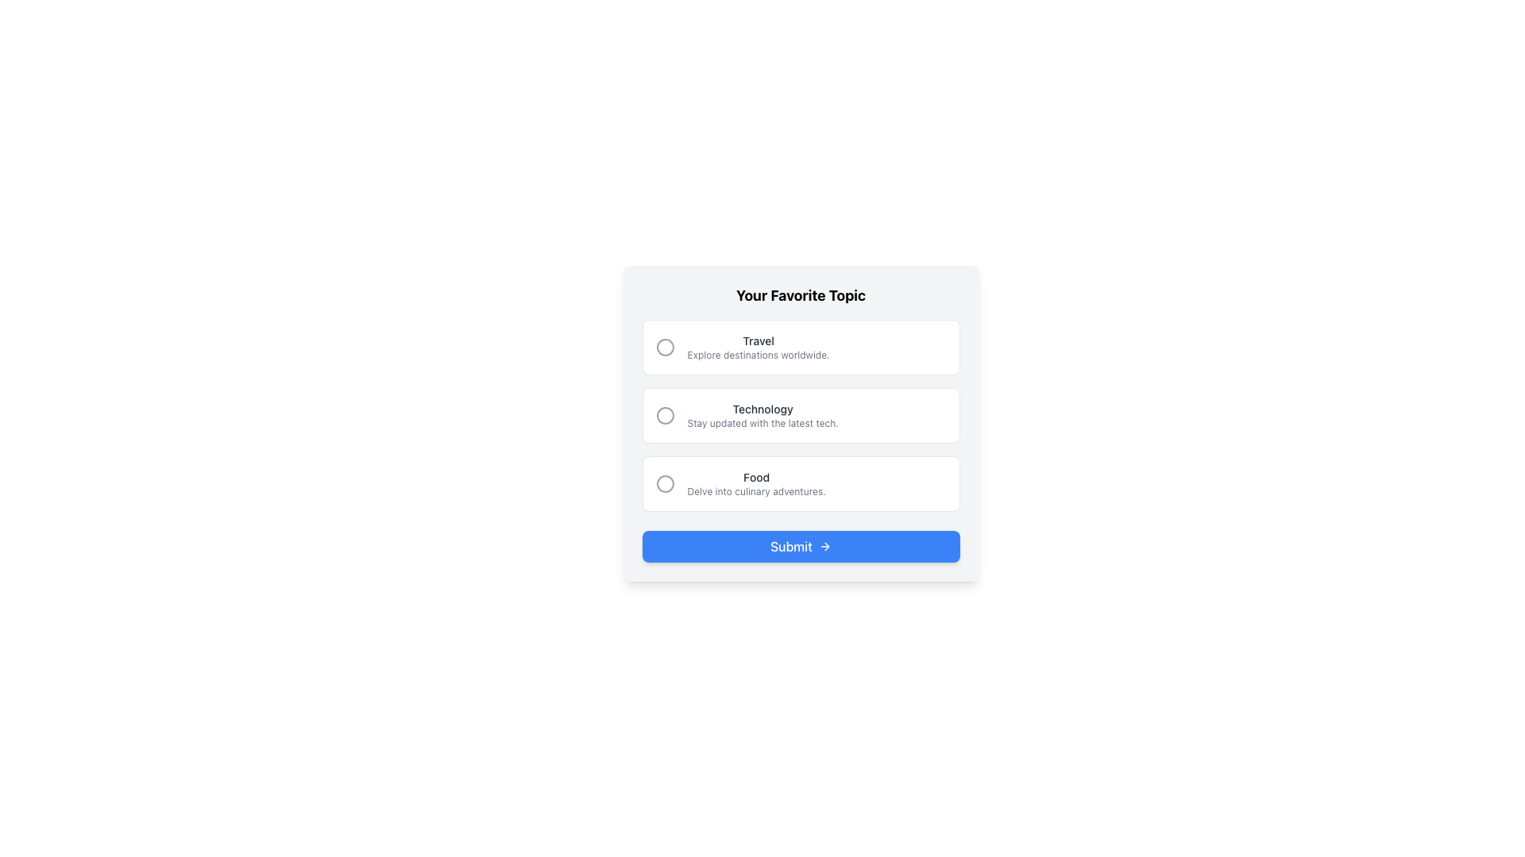 This screenshot has width=1525, height=857. I want to click on the 'Travel' text description element which includes a bold title and a subtitle, located in the first row of the vertical list under 'Your Favorite Topic', so click(758, 347).